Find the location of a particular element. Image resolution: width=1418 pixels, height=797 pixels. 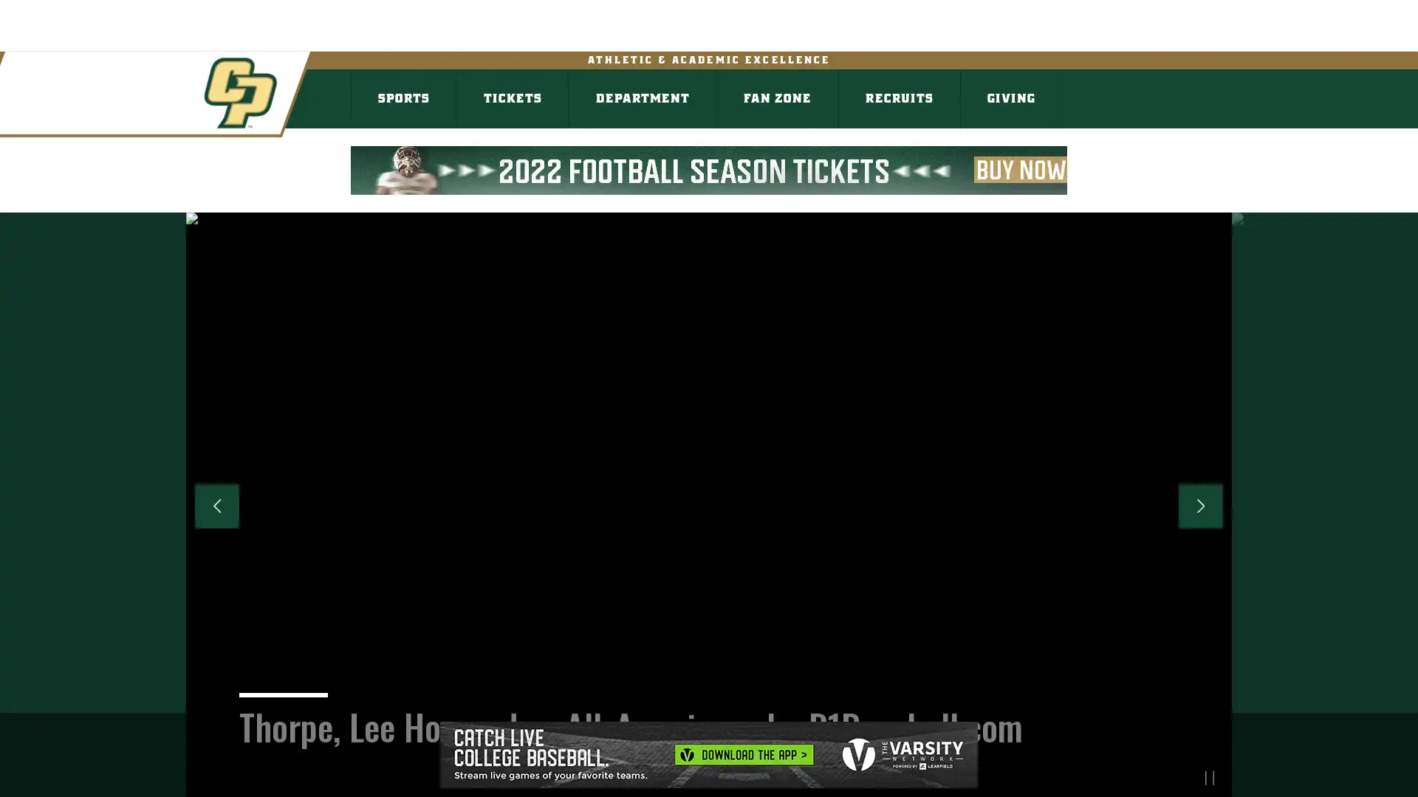

Toggle game links is located at coordinates (16, 39).